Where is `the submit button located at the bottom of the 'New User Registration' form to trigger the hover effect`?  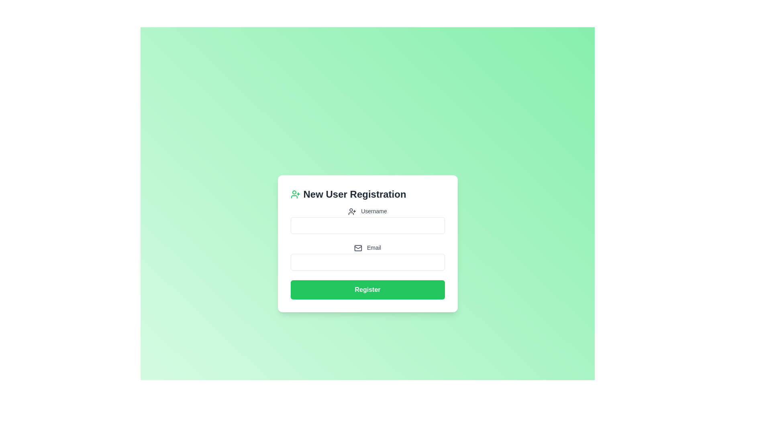 the submit button located at the bottom of the 'New User Registration' form to trigger the hover effect is located at coordinates (367, 290).